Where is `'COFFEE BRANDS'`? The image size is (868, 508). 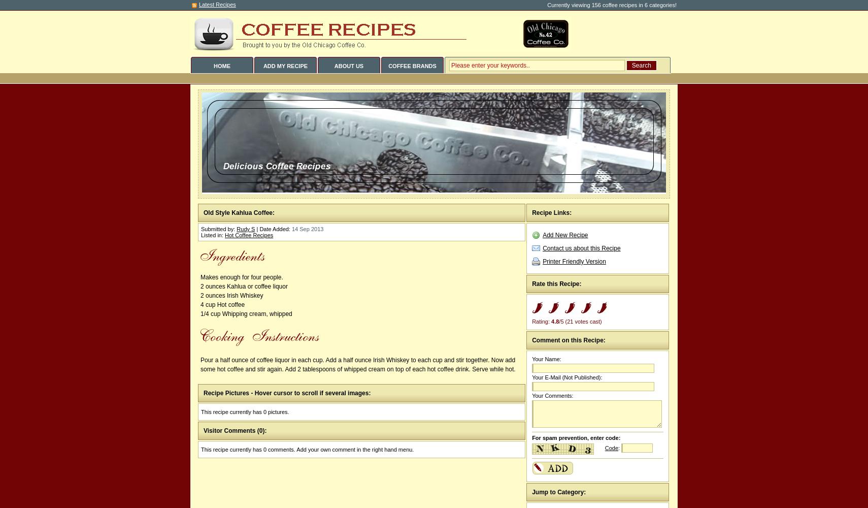 'COFFEE BRANDS' is located at coordinates (388, 66).